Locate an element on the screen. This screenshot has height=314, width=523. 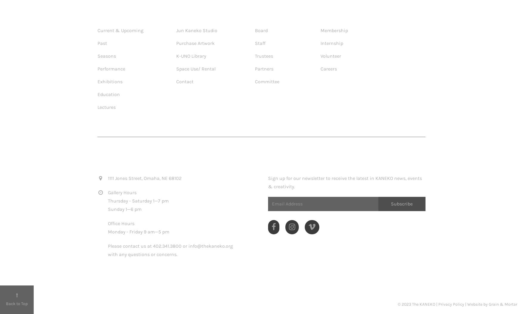
'Seasons' is located at coordinates (106, 56).